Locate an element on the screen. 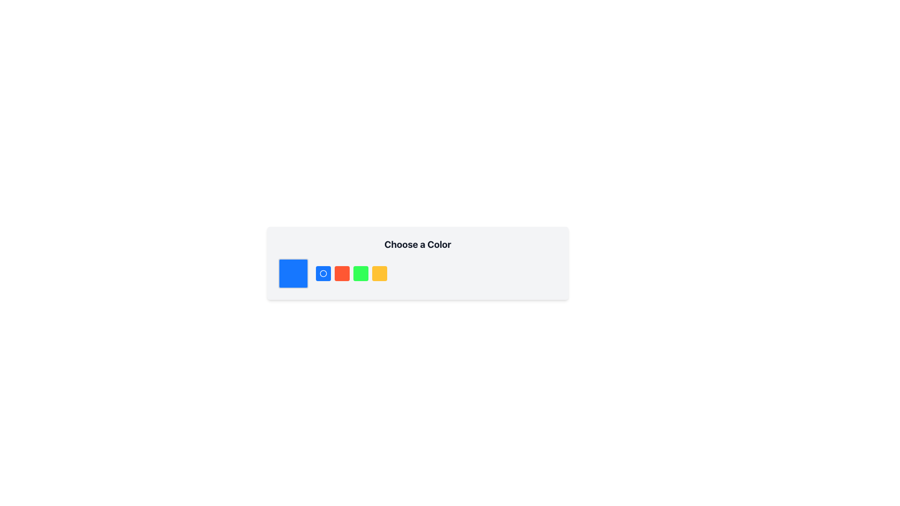 The height and width of the screenshot is (506, 900). the Color Selection Group located within the light grey card titled 'Choose a Color' is located at coordinates (417, 273).